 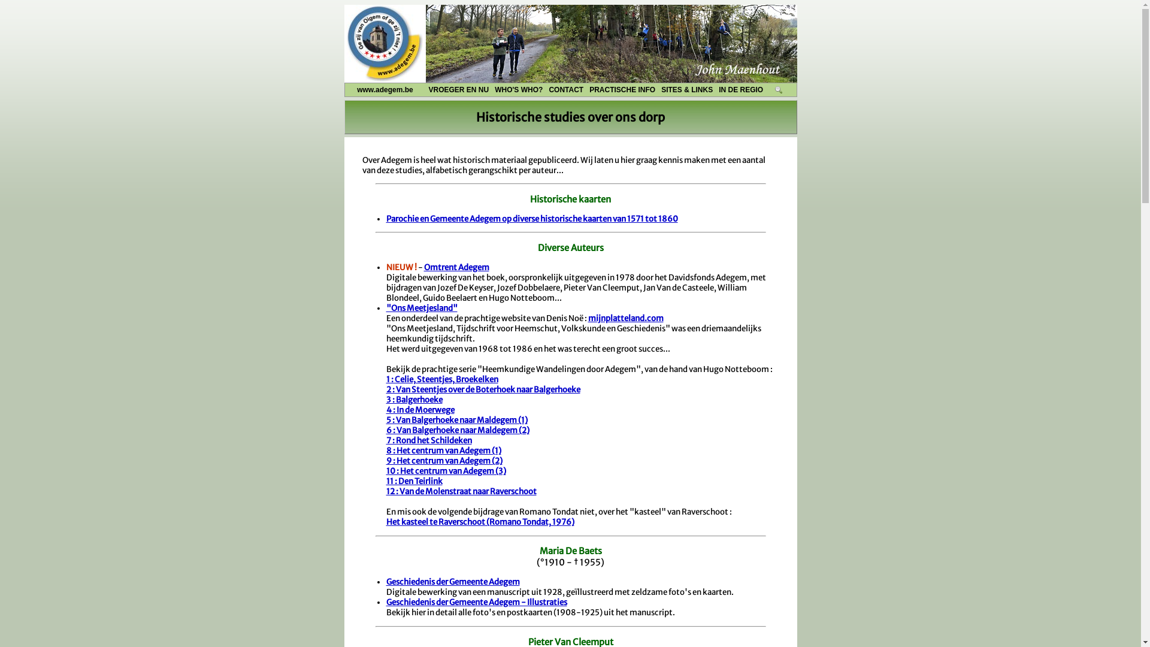 What do you see at coordinates (442, 451) in the screenshot?
I see `'8 : Het centrum van Adegem (1)'` at bounding box center [442, 451].